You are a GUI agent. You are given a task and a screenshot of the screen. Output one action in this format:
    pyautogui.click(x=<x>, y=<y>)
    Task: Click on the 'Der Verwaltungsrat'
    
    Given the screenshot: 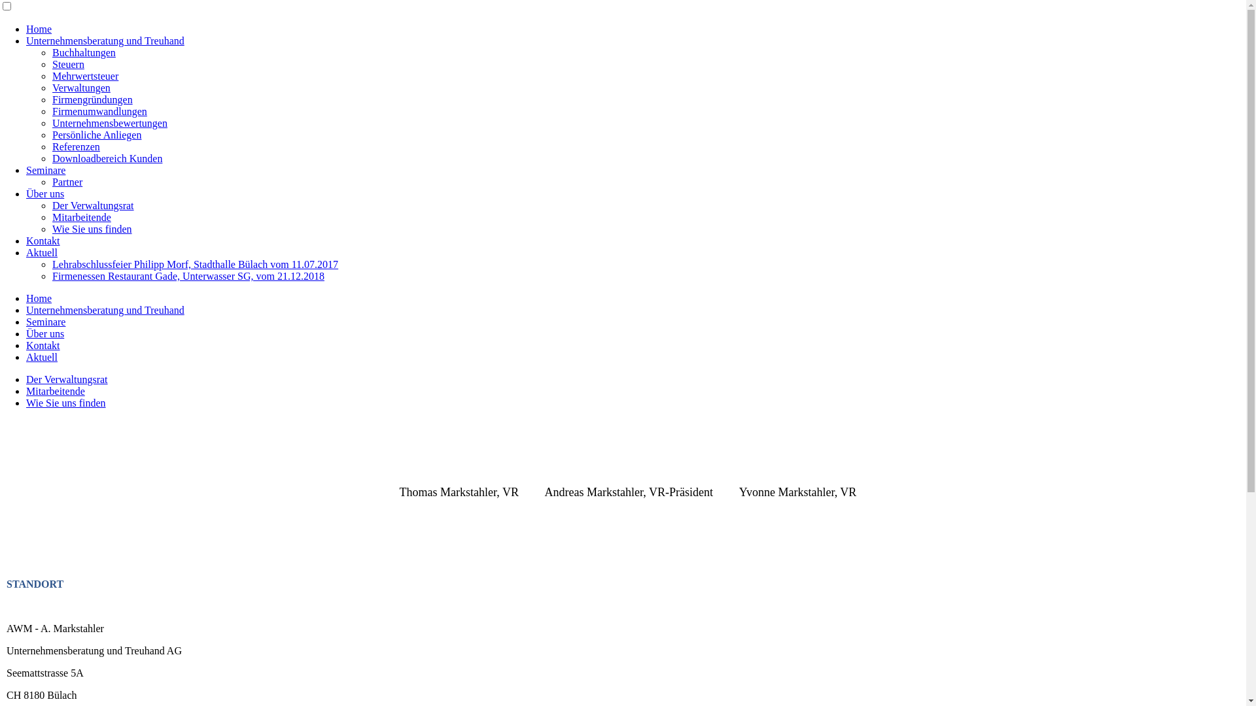 What is the action you would take?
    pyautogui.click(x=92, y=205)
    